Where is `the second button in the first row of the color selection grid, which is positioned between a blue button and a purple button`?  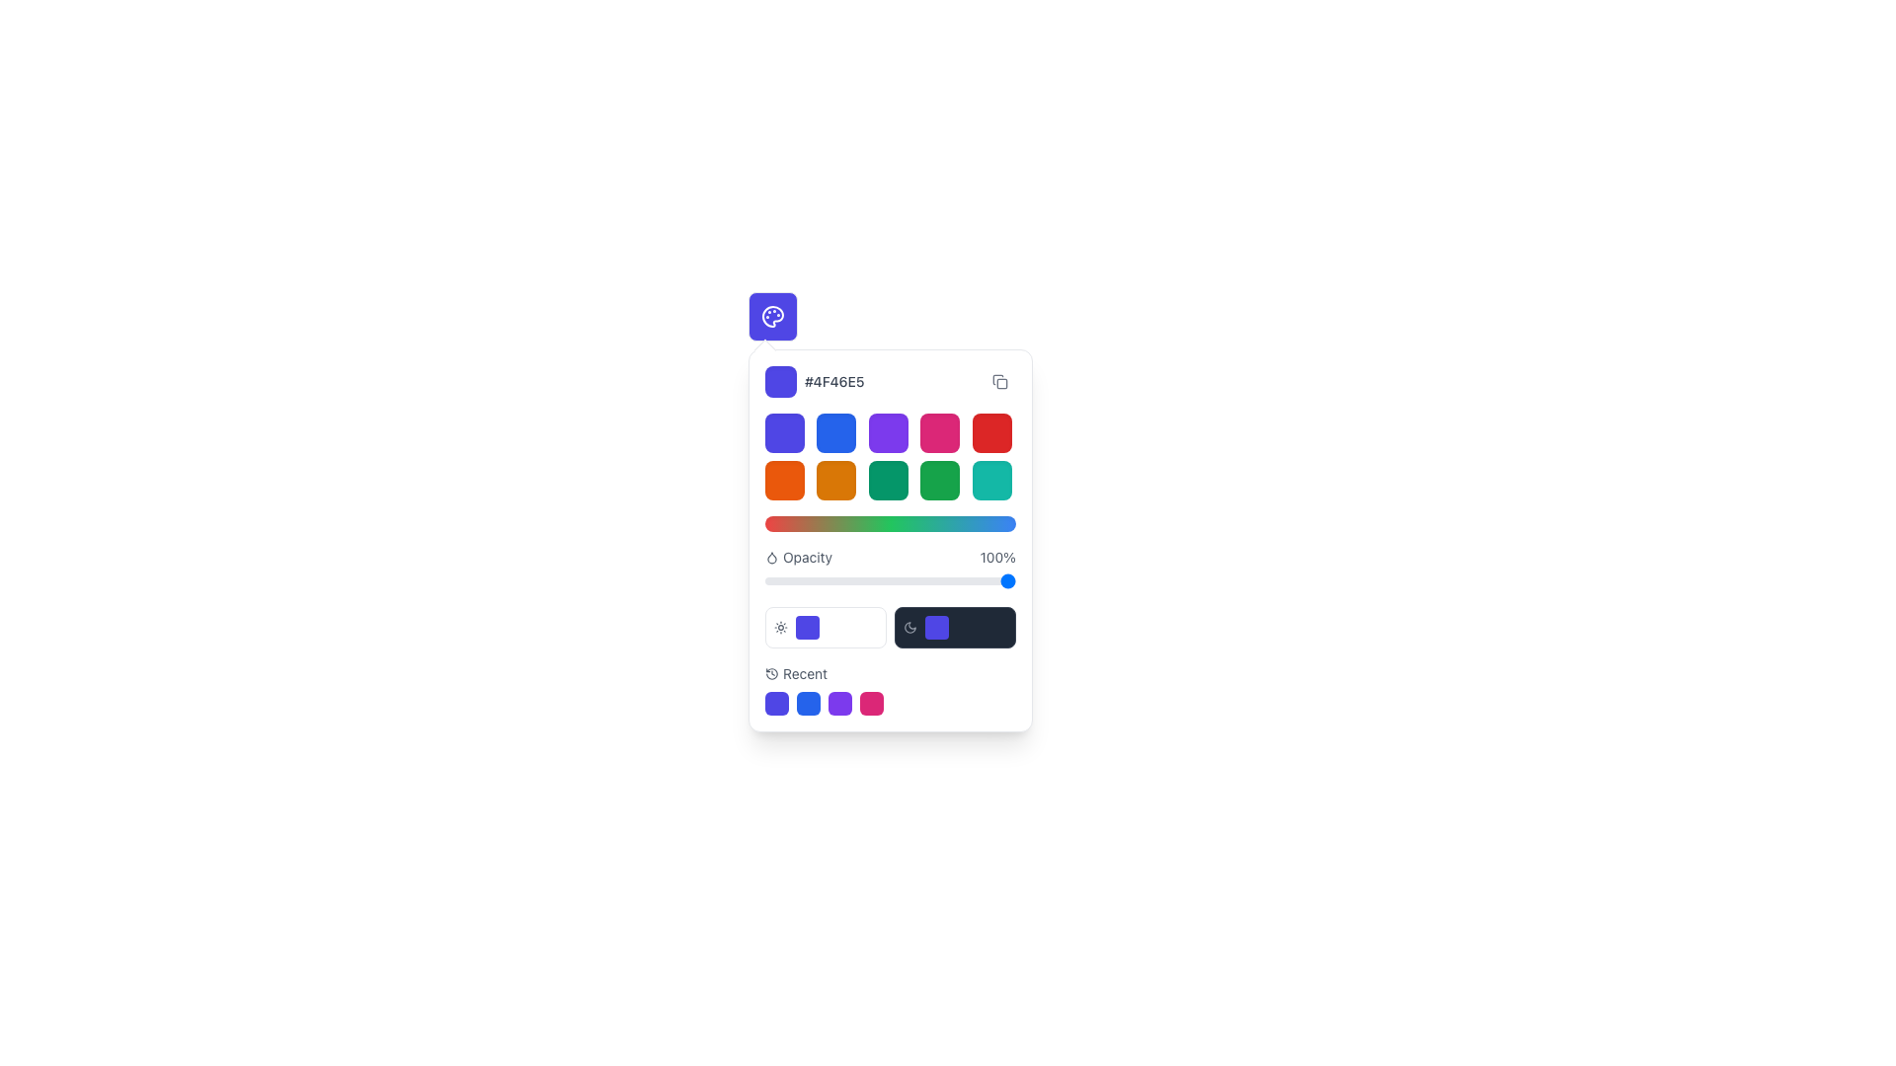 the second button in the first row of the color selection grid, which is positioned between a blue button and a purple button is located at coordinates (836, 432).